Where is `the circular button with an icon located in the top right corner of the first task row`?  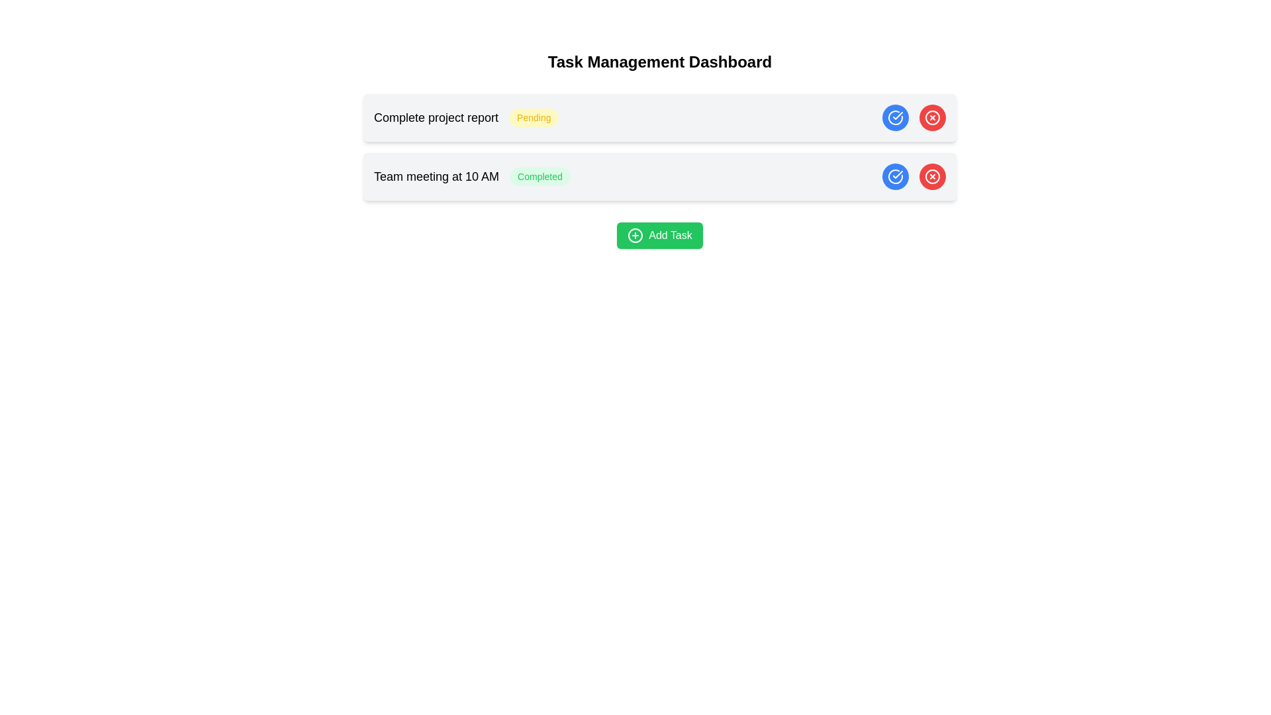
the circular button with an icon located in the top right corner of the first task row is located at coordinates (932, 117).